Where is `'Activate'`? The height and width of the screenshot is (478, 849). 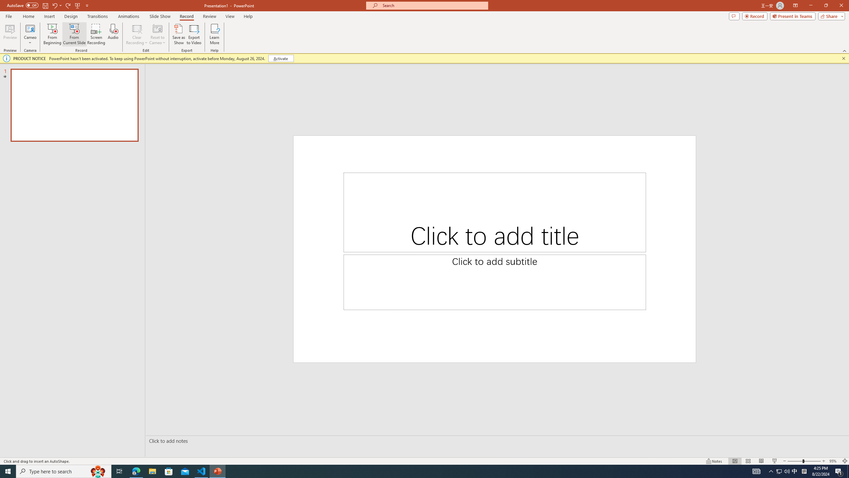 'Activate' is located at coordinates (281, 58).